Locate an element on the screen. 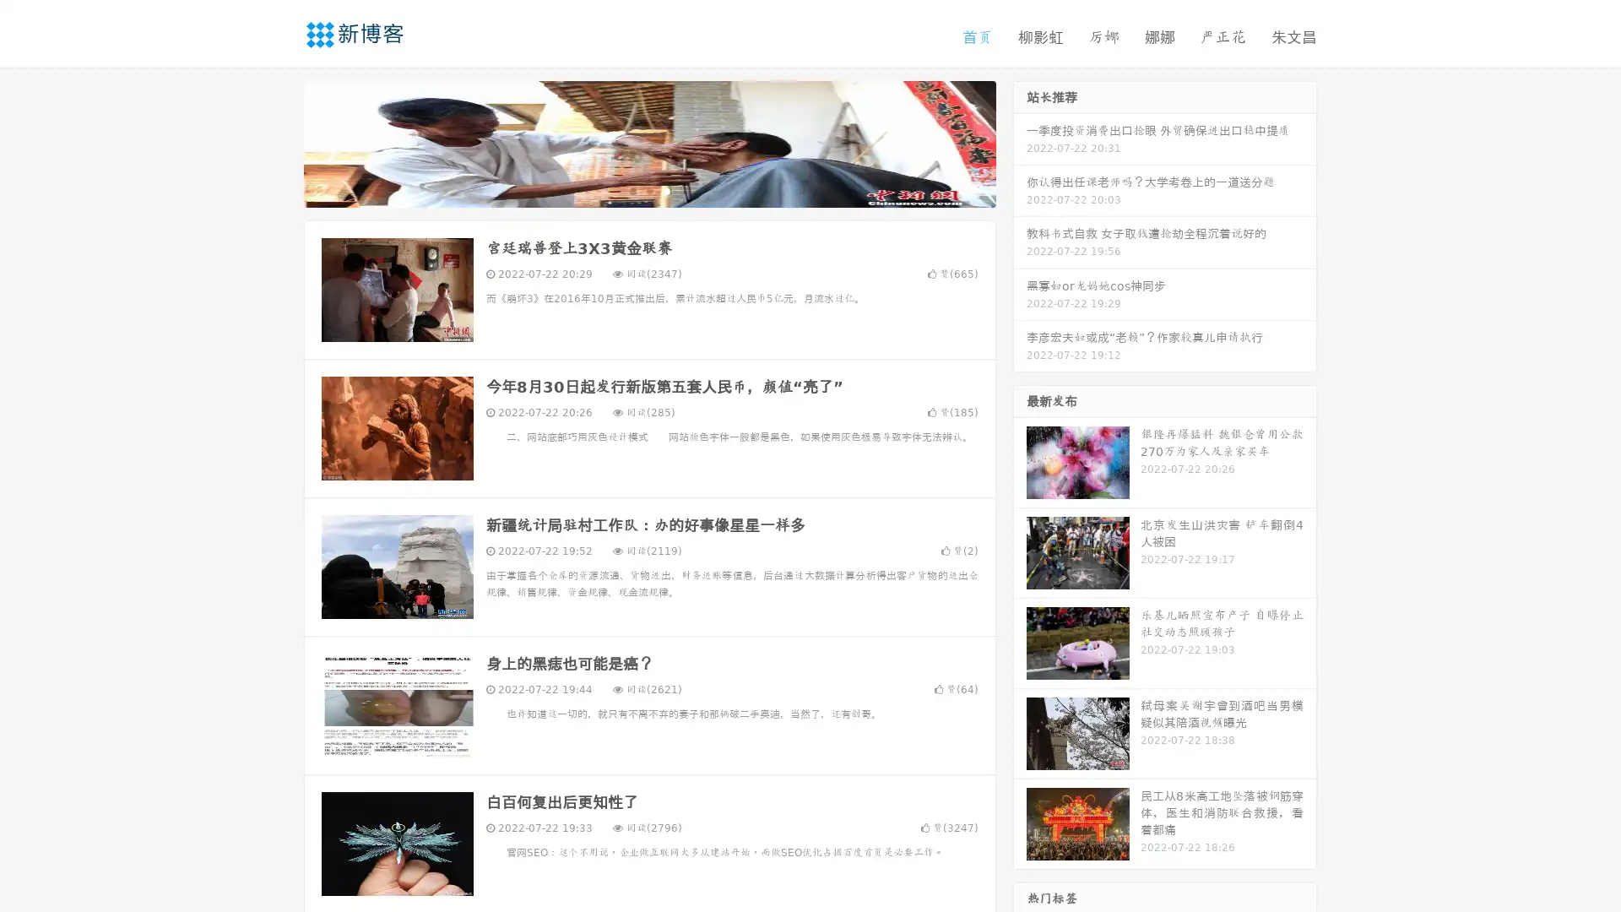 The image size is (1621, 912). Go to slide 1 is located at coordinates (632, 190).